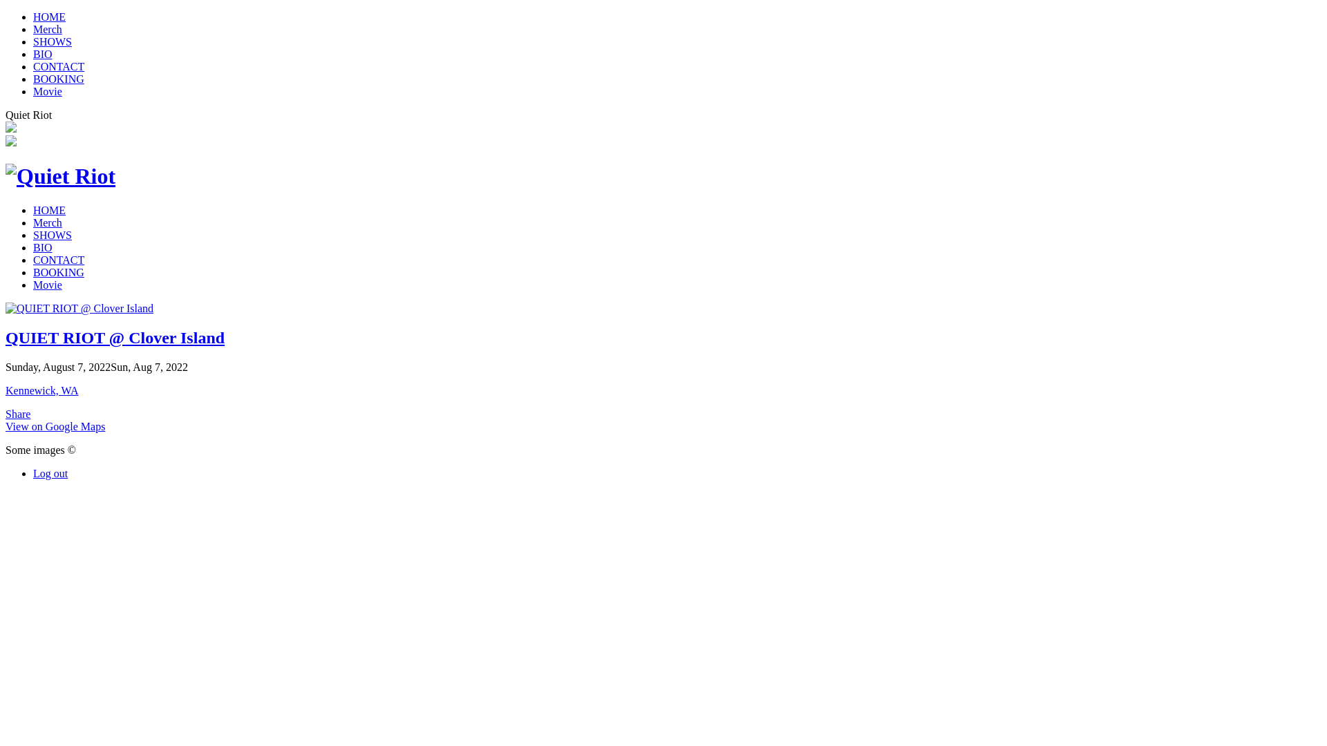  I want to click on 'Movie', so click(47, 91).